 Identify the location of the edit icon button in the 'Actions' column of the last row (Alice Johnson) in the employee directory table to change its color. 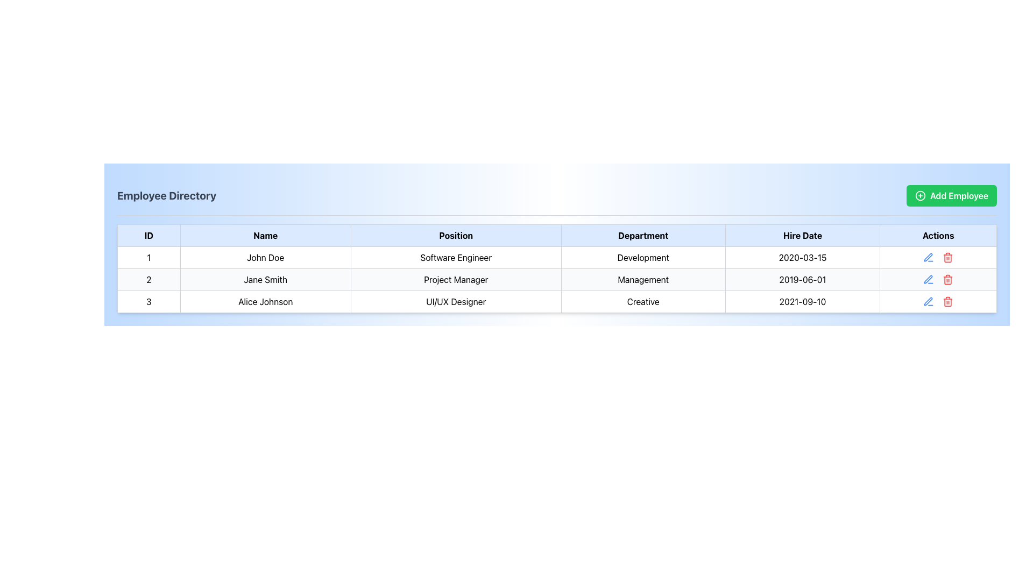
(928, 301).